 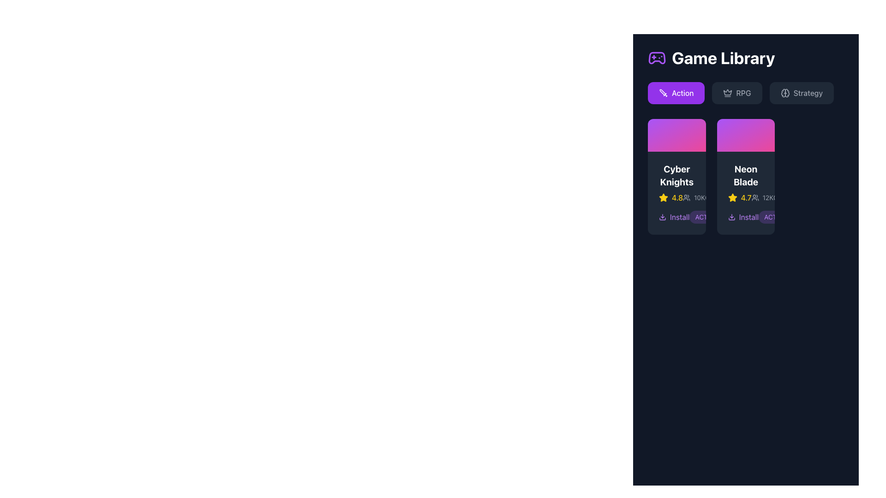 I want to click on the star rating icon located under the title 'Neon Blade' in the second card of the grid, so click(x=663, y=197).